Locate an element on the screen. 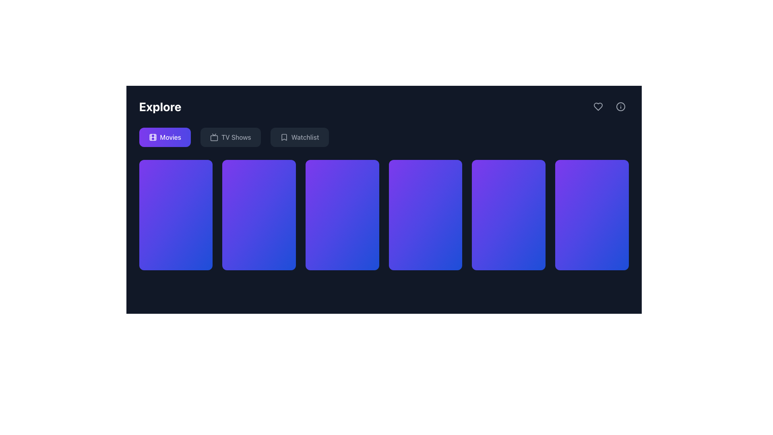 This screenshot has height=435, width=773. the 'Watchlist' icon located at the center of the 'Watchlist' button in the top-right section of the category row is located at coordinates (284, 137).